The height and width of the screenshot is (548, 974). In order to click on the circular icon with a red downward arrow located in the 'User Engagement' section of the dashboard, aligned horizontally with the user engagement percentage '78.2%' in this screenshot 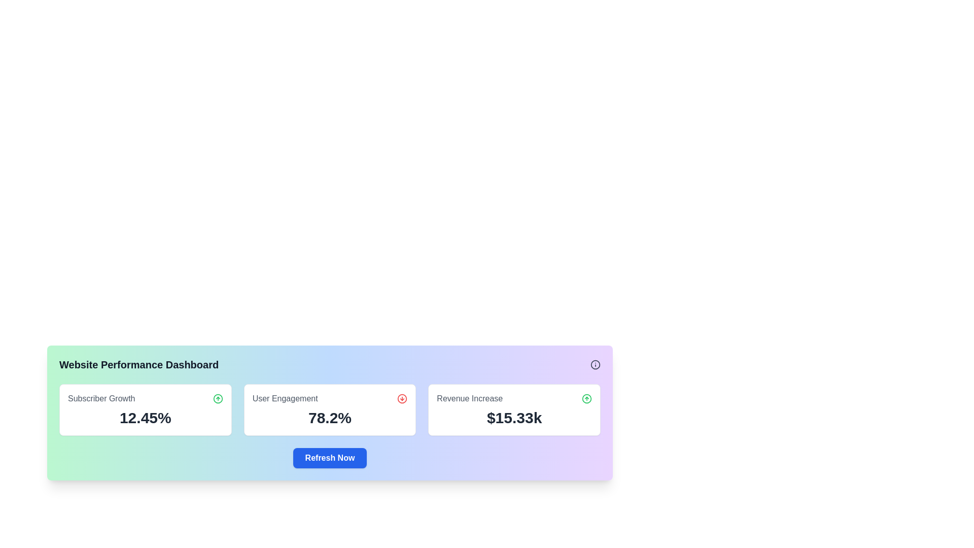, I will do `click(402, 398)`.